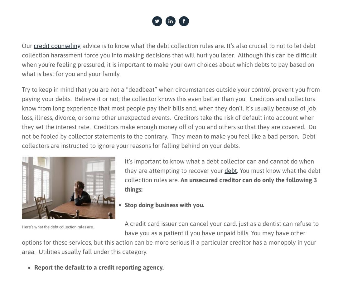 The image size is (343, 283). I want to click on 'how to get out of debt', so click(103, 207).